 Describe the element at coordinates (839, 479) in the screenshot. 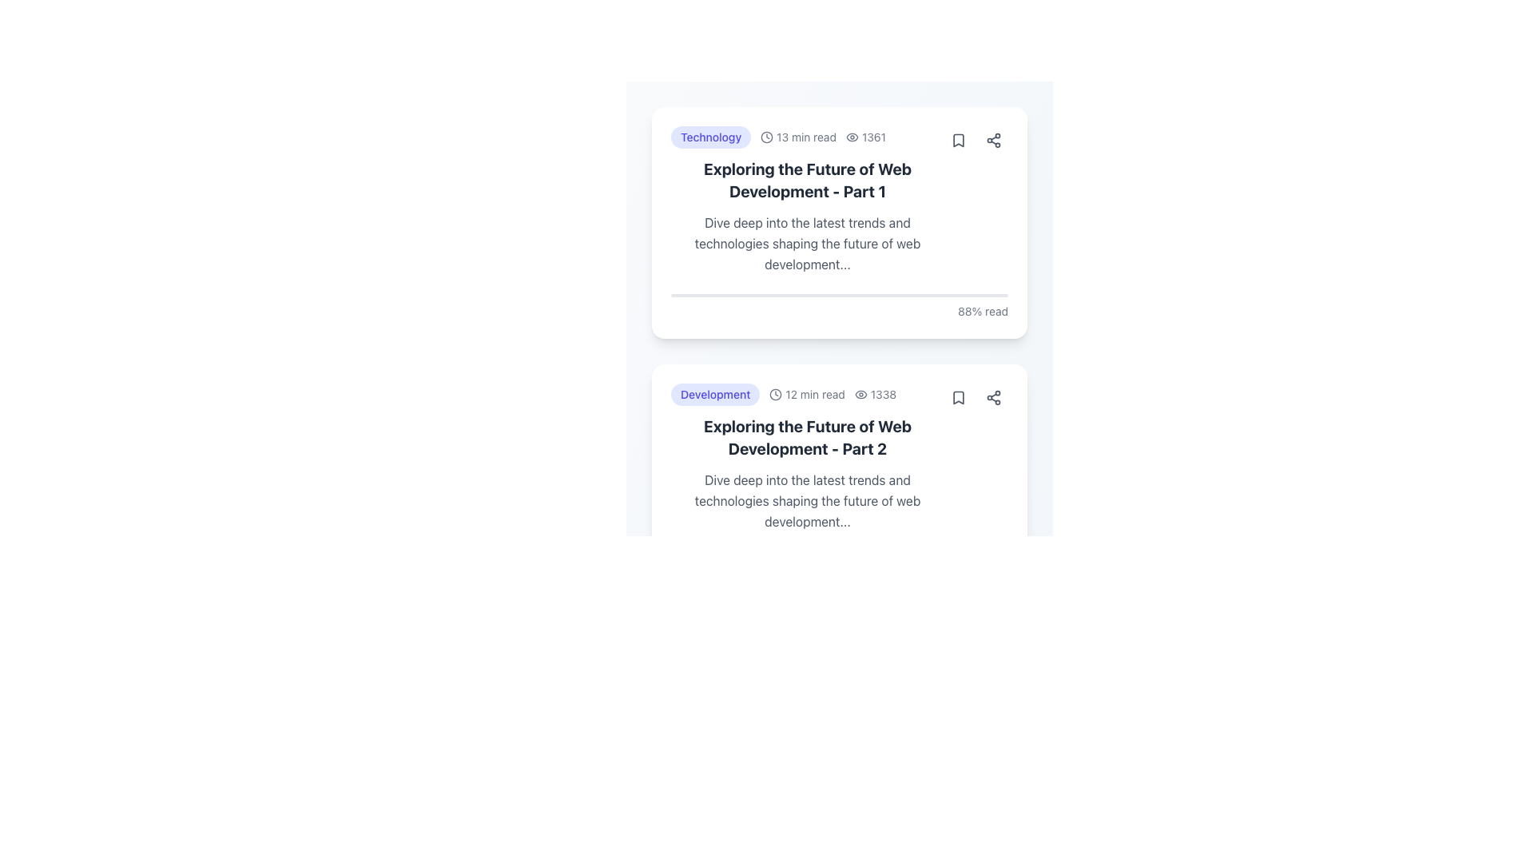

I see `the second Card component` at that location.